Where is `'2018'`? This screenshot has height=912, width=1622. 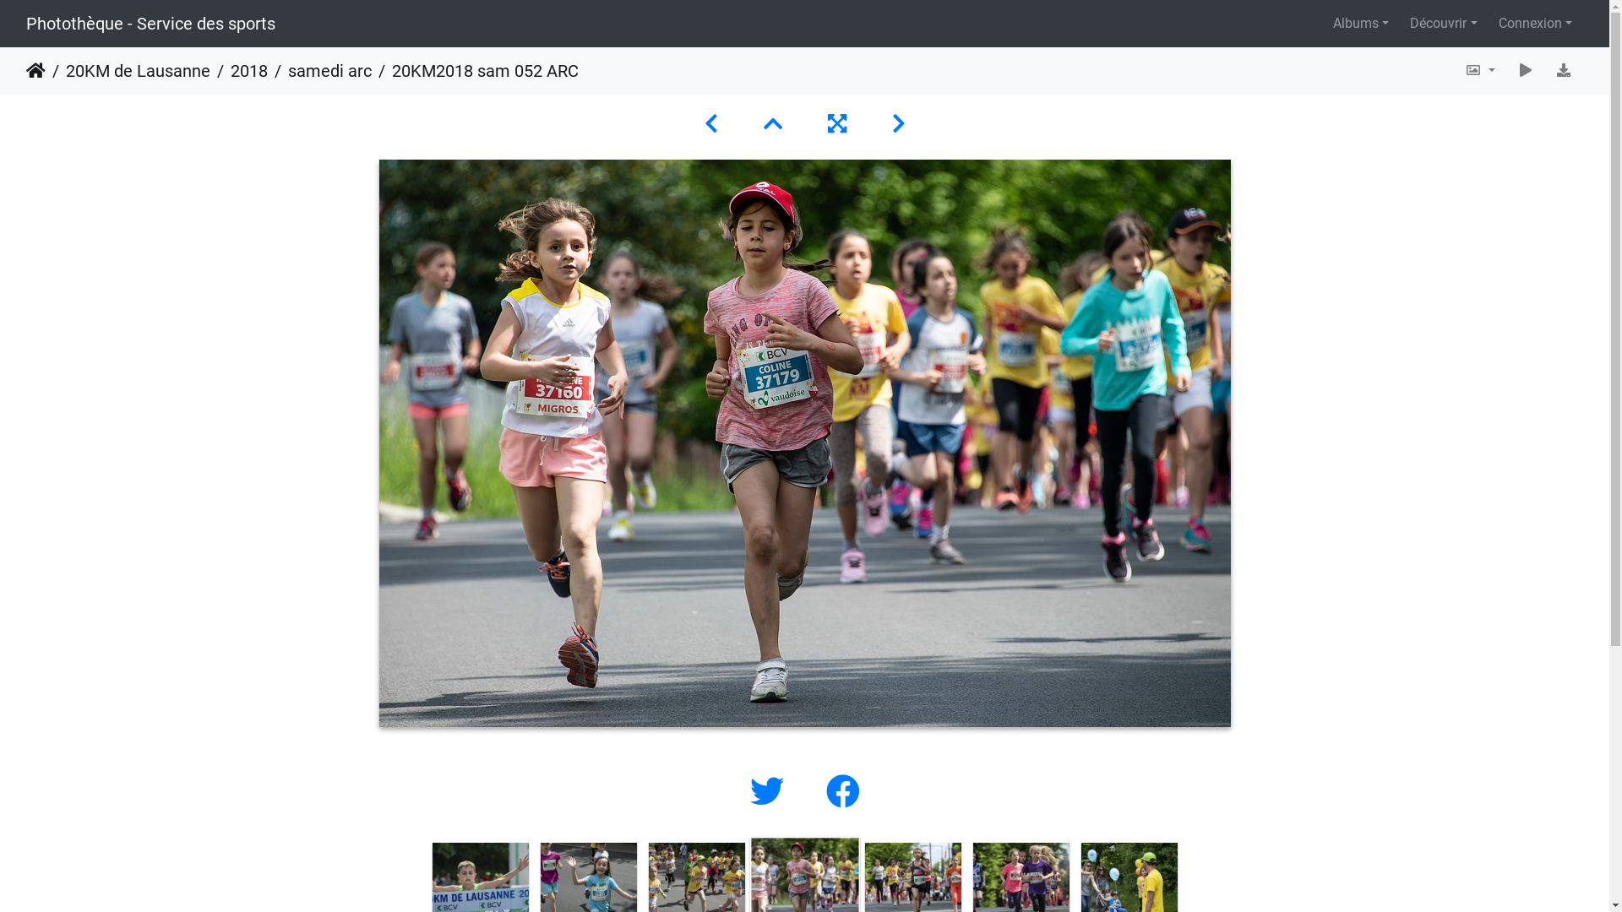 '2018' is located at coordinates (238, 70).